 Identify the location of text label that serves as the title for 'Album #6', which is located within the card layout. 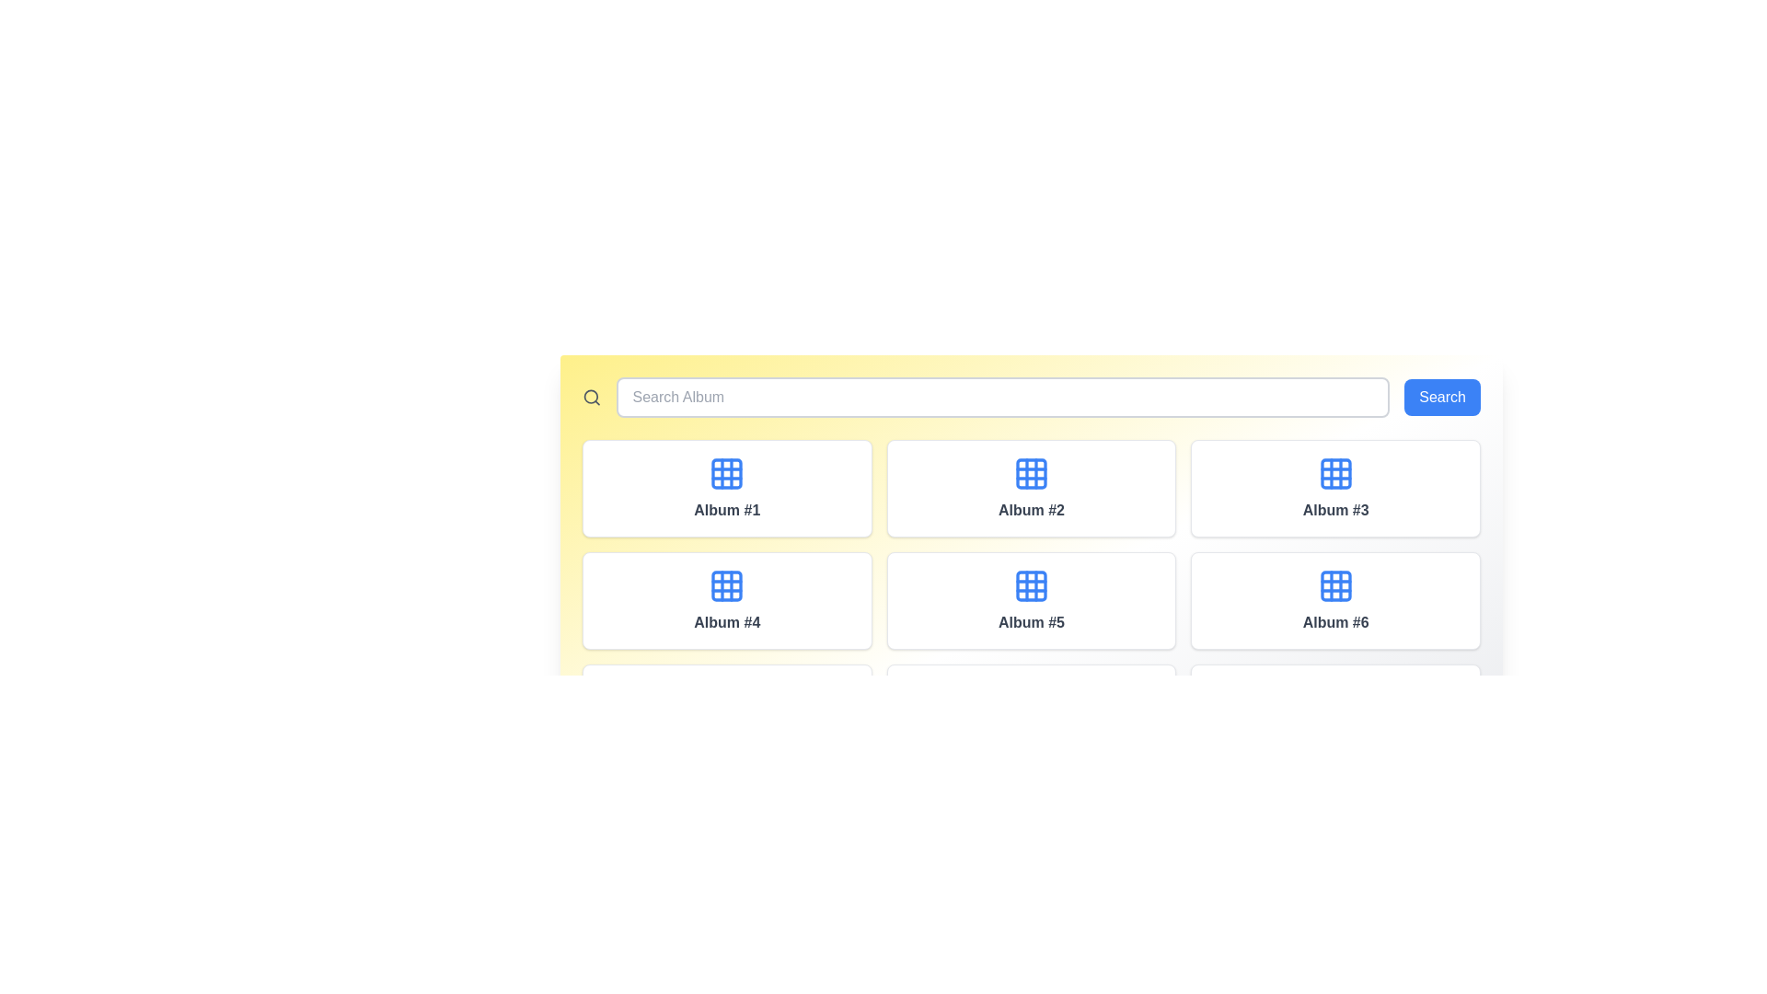
(1335, 622).